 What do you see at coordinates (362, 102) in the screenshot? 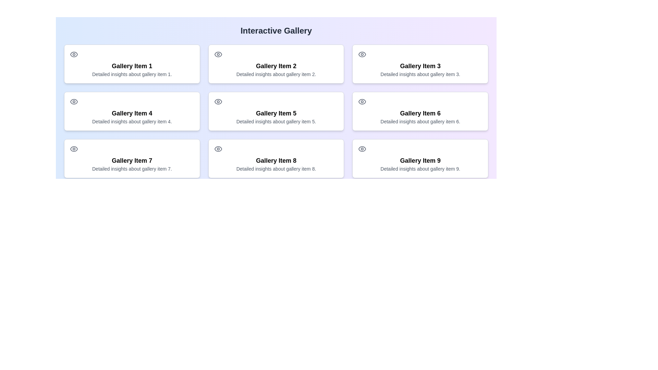
I see `the eye-shaped visibility icon located on 'Gallery Item 6' card in the second row and third column of the grid layout by clicking it` at bounding box center [362, 102].